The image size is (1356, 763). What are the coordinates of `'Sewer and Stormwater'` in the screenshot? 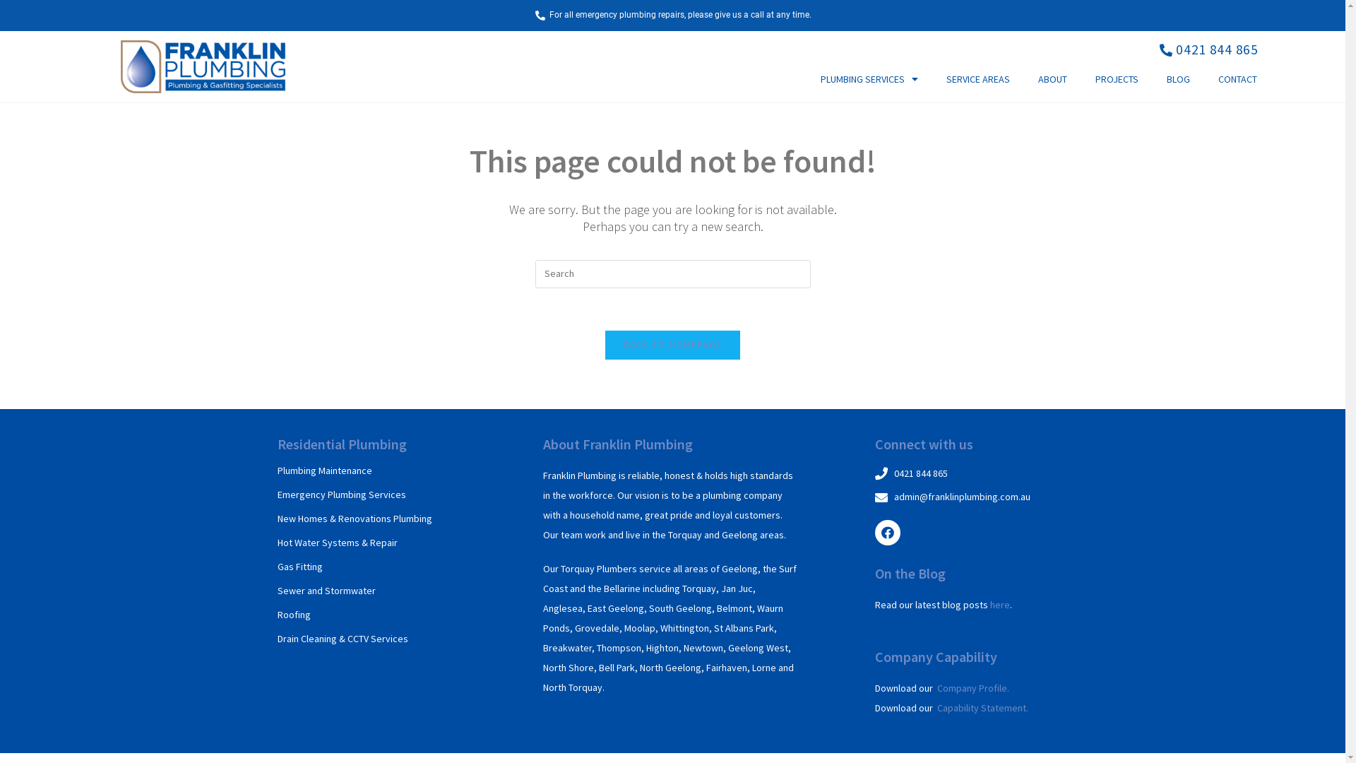 It's located at (325, 591).